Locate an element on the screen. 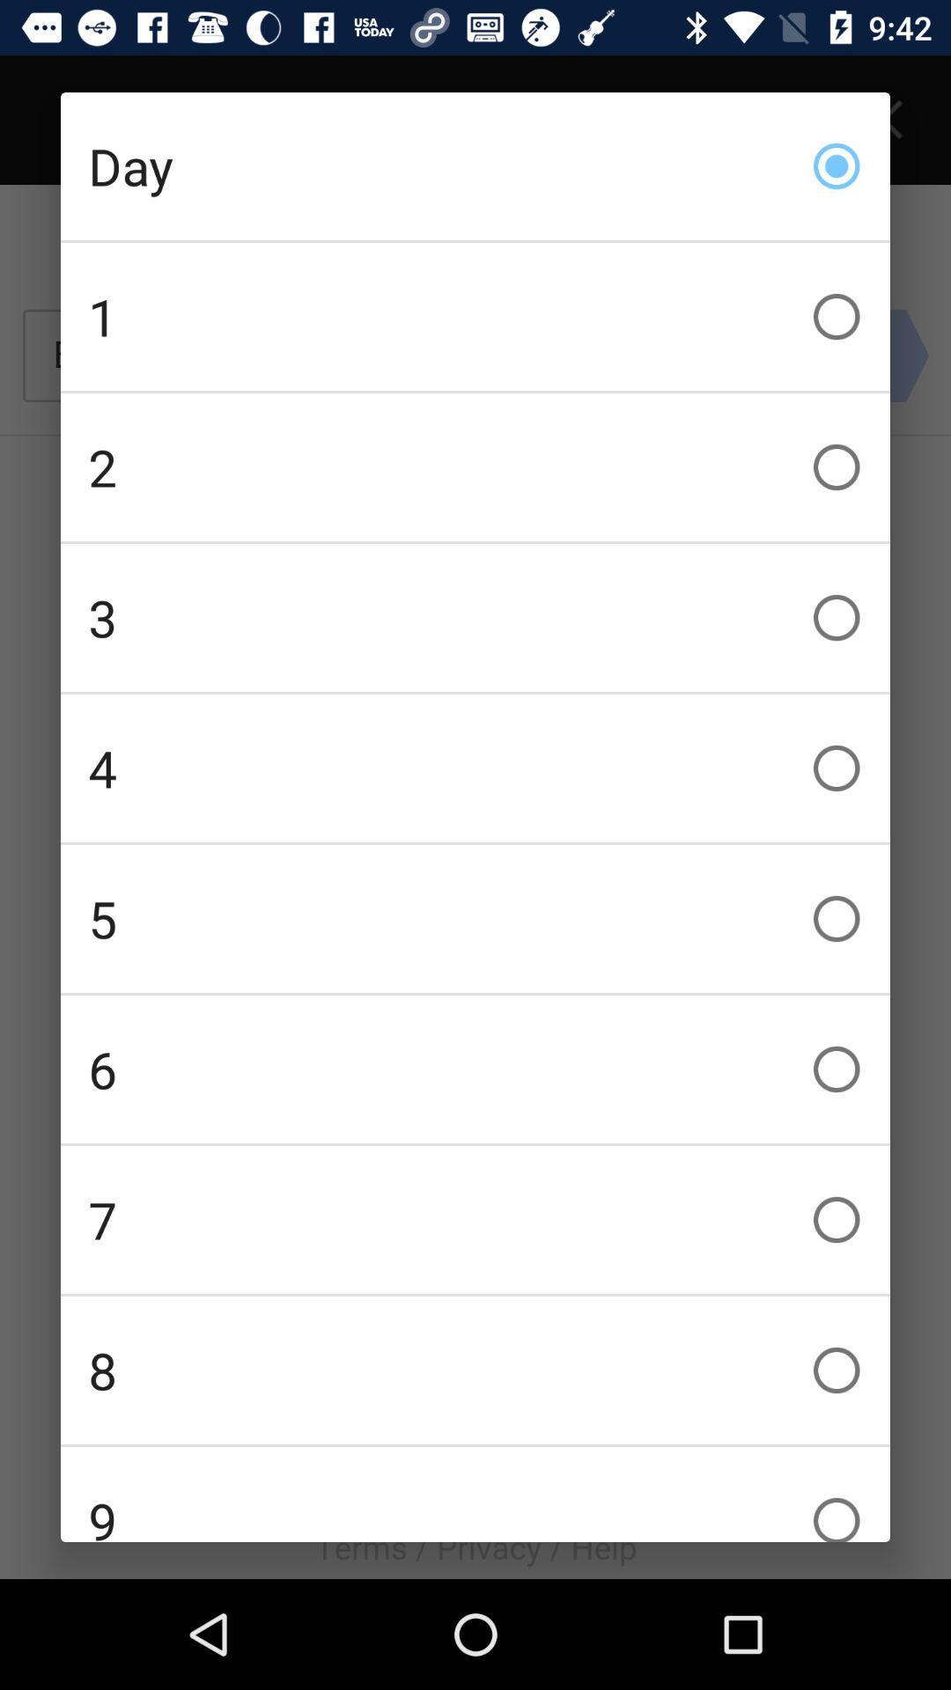  item below 5 is located at coordinates (475, 1068).